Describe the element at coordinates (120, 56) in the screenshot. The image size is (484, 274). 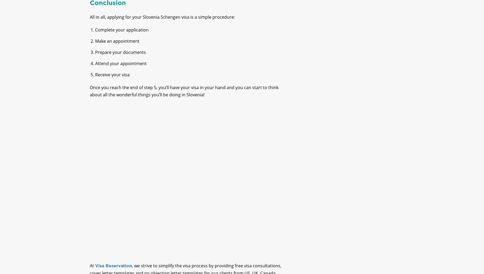
I see `'Prepare your documents'` at that location.